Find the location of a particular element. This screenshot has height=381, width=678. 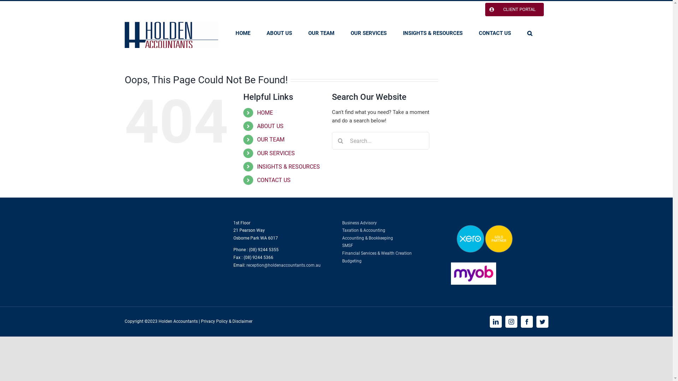

'Accounting & Bookkeeping' is located at coordinates (367, 238).